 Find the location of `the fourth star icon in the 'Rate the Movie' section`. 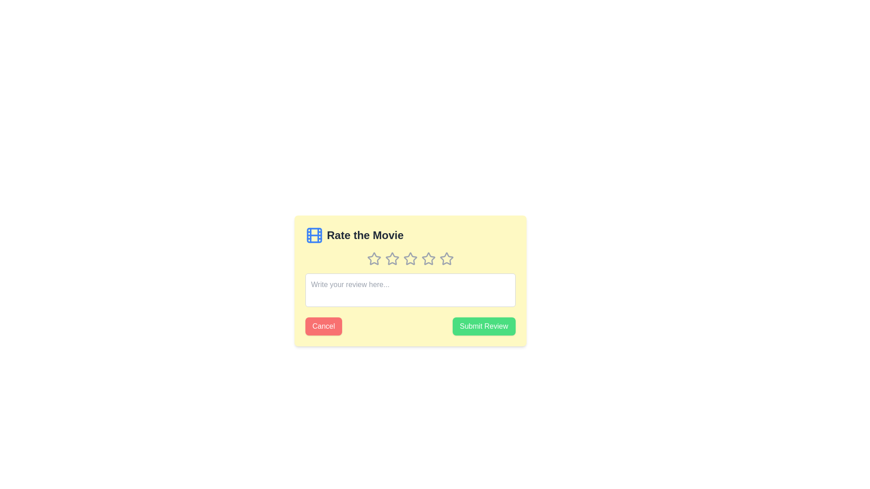

the fourth star icon in the 'Rate the Movie' section is located at coordinates (428, 259).